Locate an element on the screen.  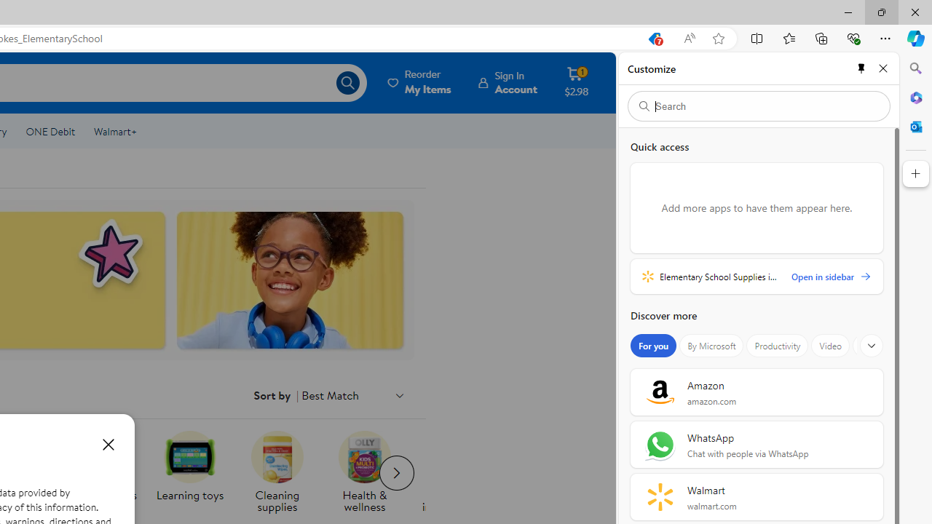
'Video' is located at coordinates (830, 346).